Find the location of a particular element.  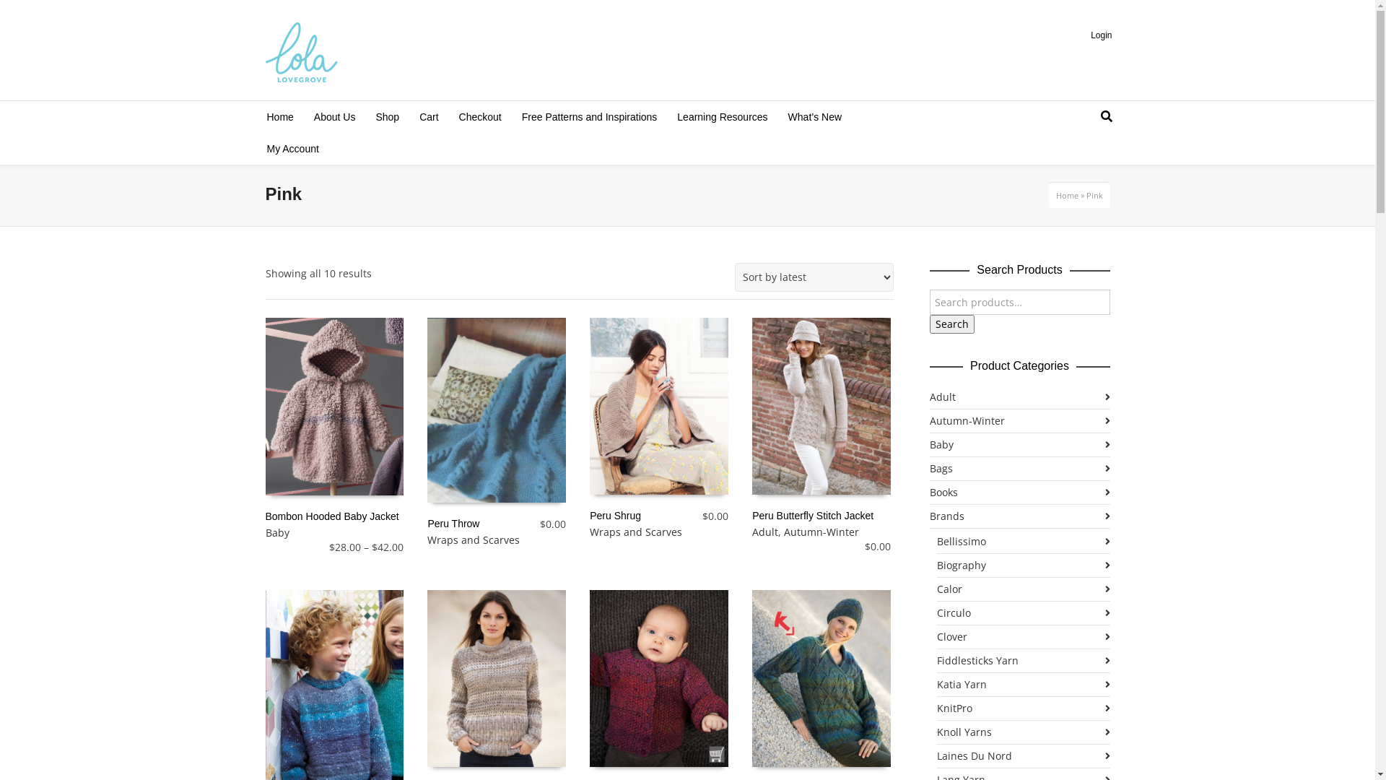

'Free Patterns and Inspirations' is located at coordinates (513, 116).